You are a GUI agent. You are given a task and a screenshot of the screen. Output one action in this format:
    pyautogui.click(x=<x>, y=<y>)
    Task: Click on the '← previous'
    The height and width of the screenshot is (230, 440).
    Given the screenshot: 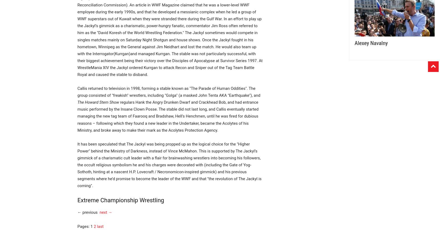 What is the action you would take?
    pyautogui.click(x=88, y=212)
    